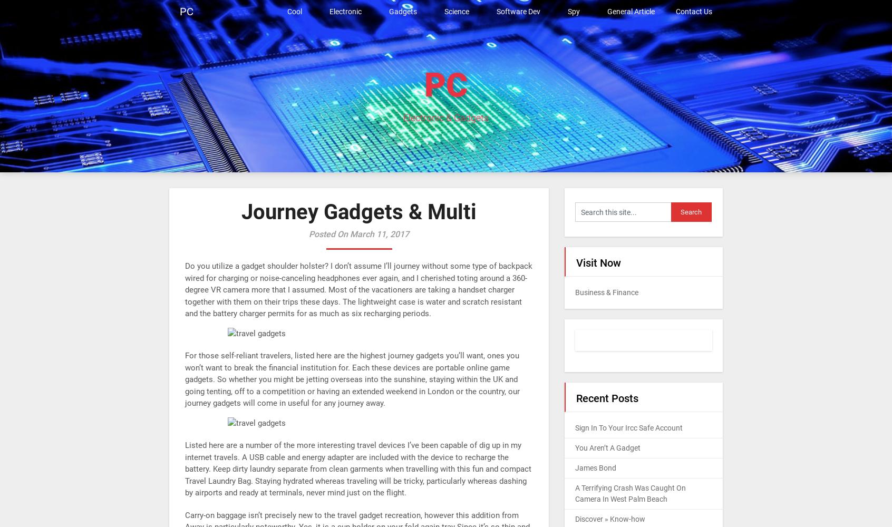  What do you see at coordinates (402, 12) in the screenshot?
I see `'Gadgets'` at bounding box center [402, 12].